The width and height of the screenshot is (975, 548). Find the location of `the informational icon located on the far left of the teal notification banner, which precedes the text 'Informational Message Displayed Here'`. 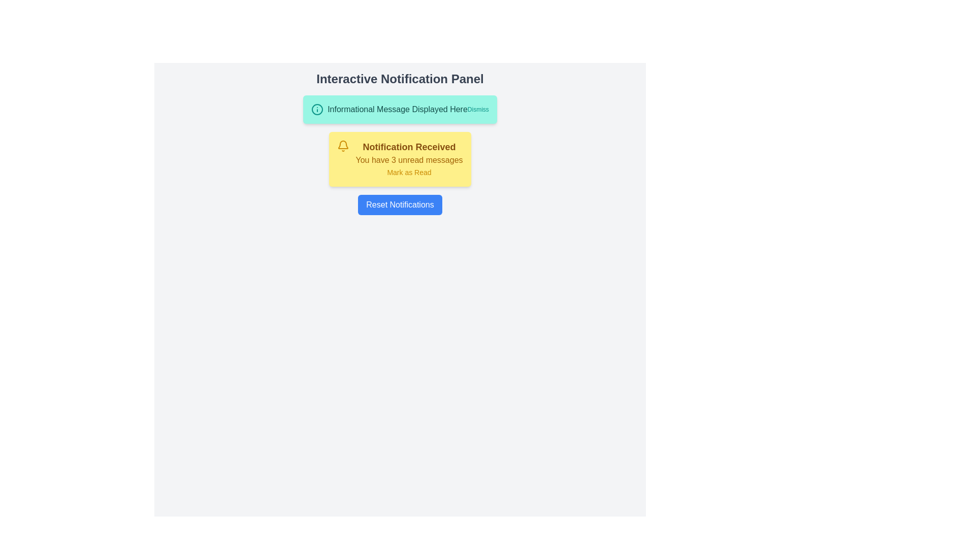

the informational icon located on the far left of the teal notification banner, which precedes the text 'Informational Message Displayed Here' is located at coordinates (317, 110).